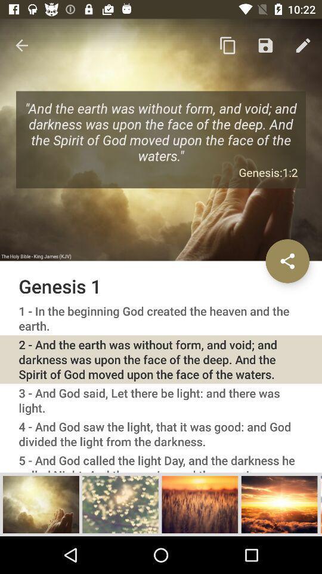 The image size is (322, 574). Describe the element at coordinates (287, 261) in the screenshot. I see `share article` at that location.